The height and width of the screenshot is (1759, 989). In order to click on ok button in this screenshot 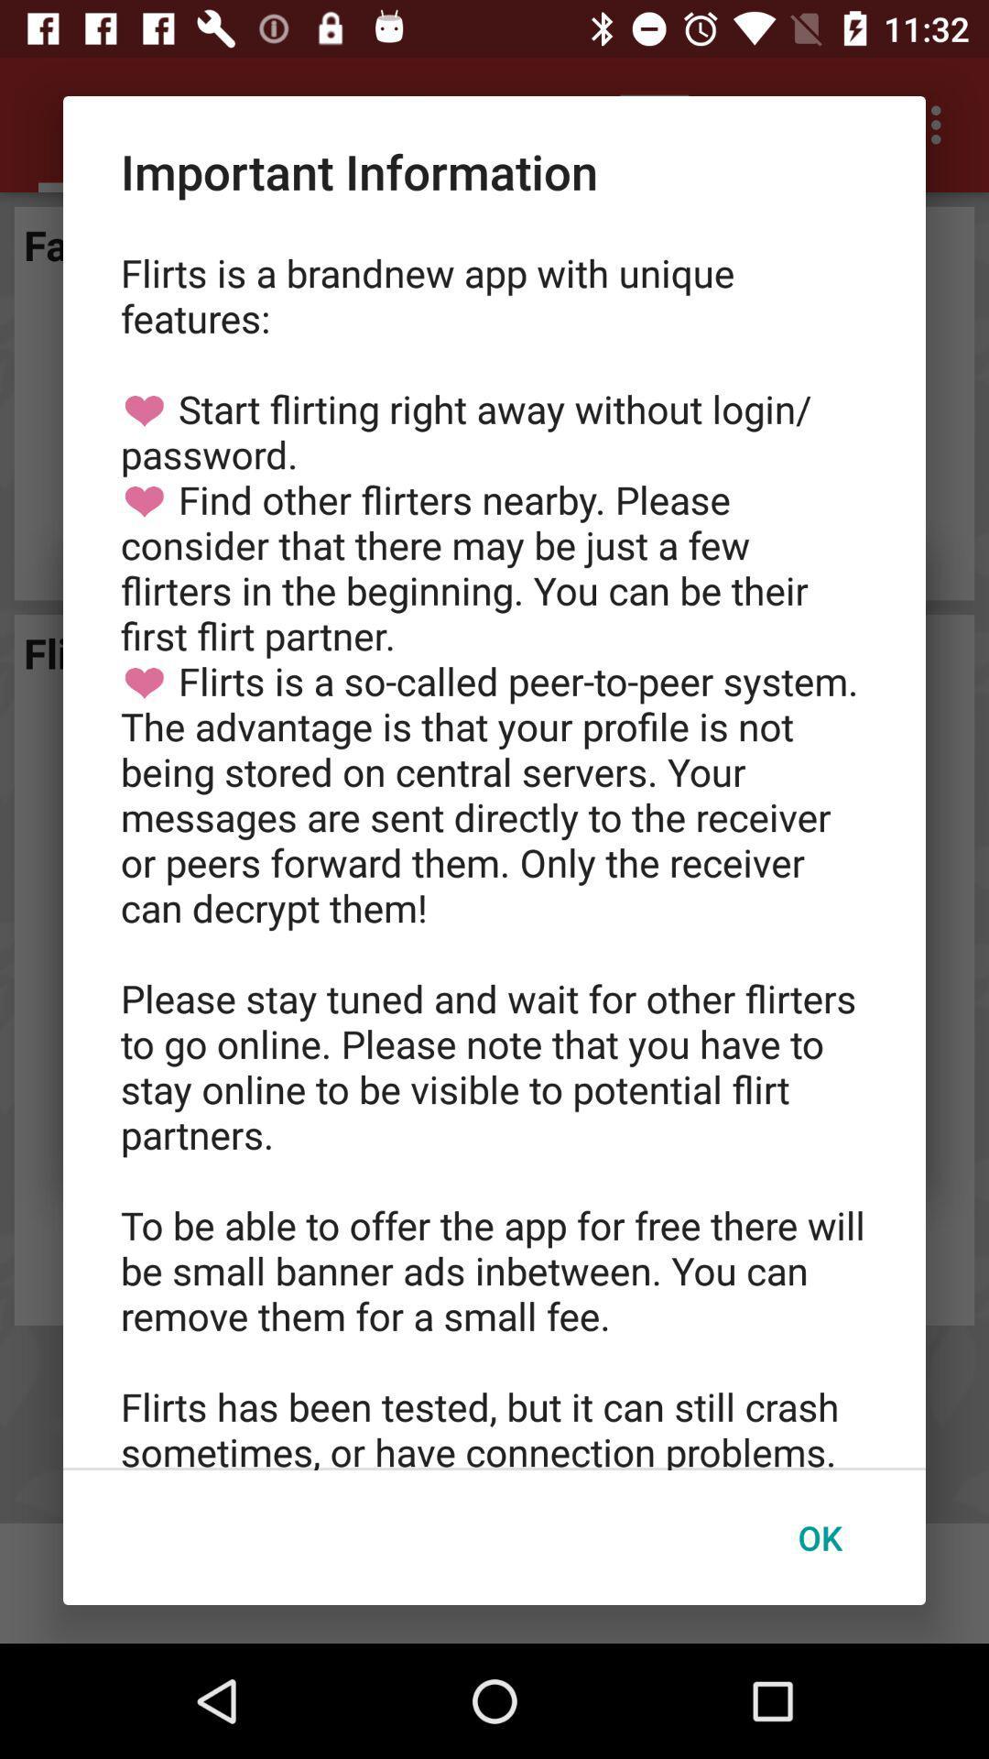, I will do `click(819, 1537)`.